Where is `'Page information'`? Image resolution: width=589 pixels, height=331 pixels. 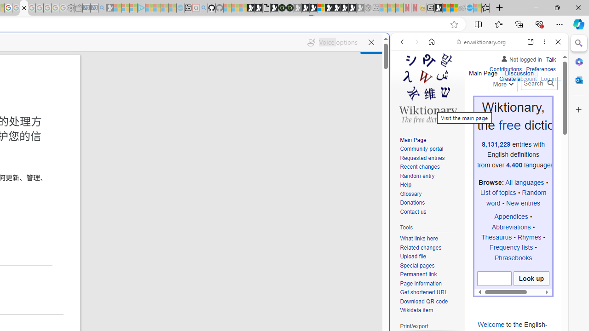 'Page information' is located at coordinates (420, 283).